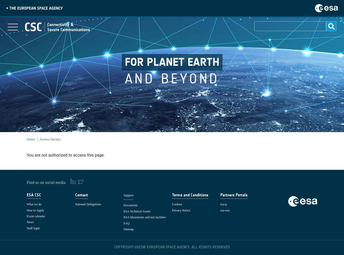 Image resolution: width=344 pixels, height=255 pixels. I want to click on 'FAQ', so click(123, 223).